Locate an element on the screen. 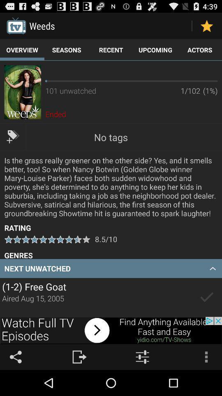 This screenshot has width=222, height=396. favorite is located at coordinates (206, 26).